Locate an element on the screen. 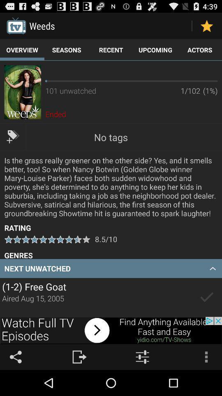 This screenshot has width=222, height=396. favorite is located at coordinates (206, 26).